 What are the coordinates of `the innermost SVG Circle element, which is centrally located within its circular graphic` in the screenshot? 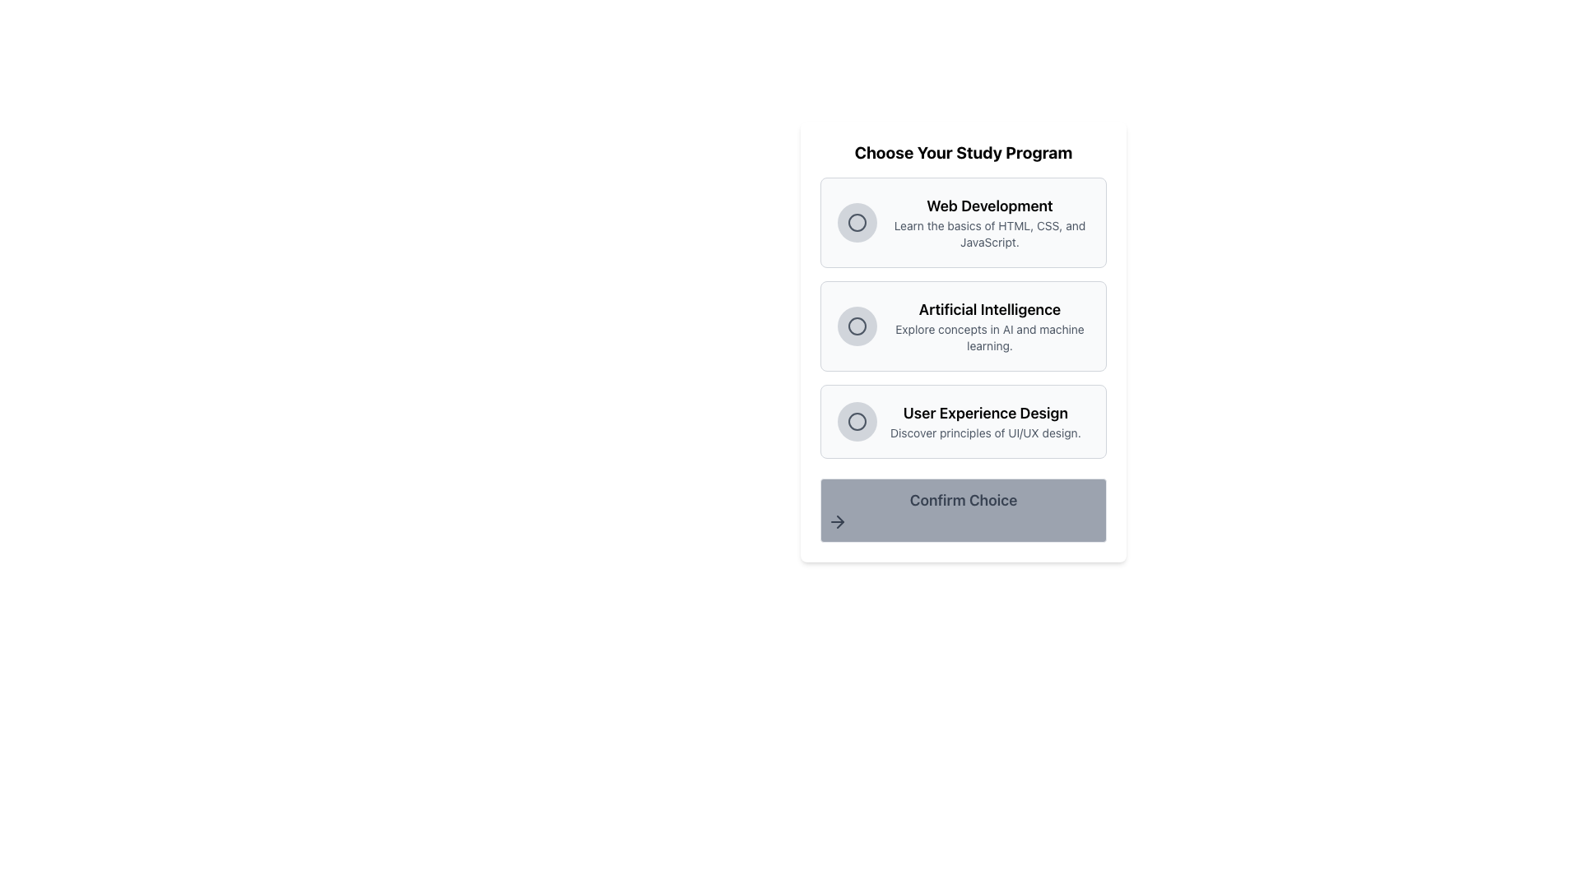 It's located at (856, 326).